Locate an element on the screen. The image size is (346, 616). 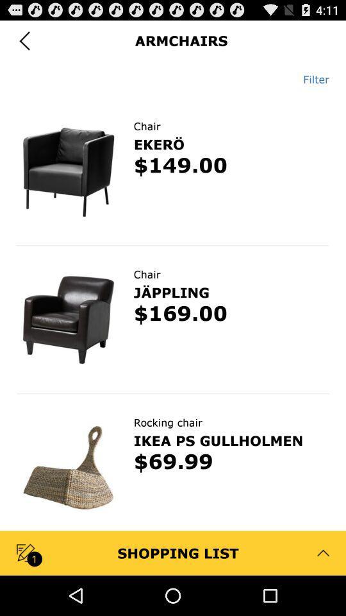
the filter is located at coordinates (311, 78).